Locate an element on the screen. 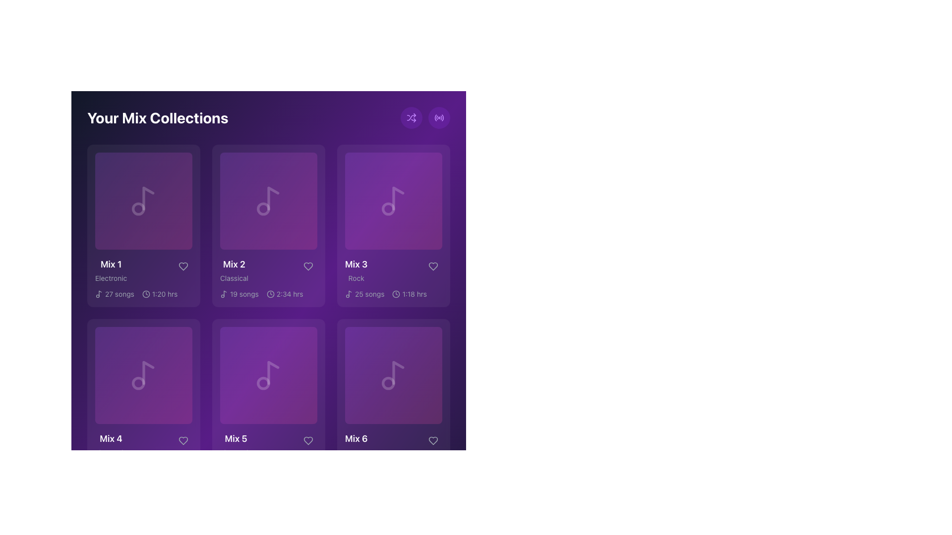 The height and width of the screenshot is (535, 952). text label that provides the name and type of the music mix located under the fourth square in the second row of the 'Your Mix Collections' grid layout, below a purple-tinted icon and beside a heart icon is located at coordinates (143, 444).